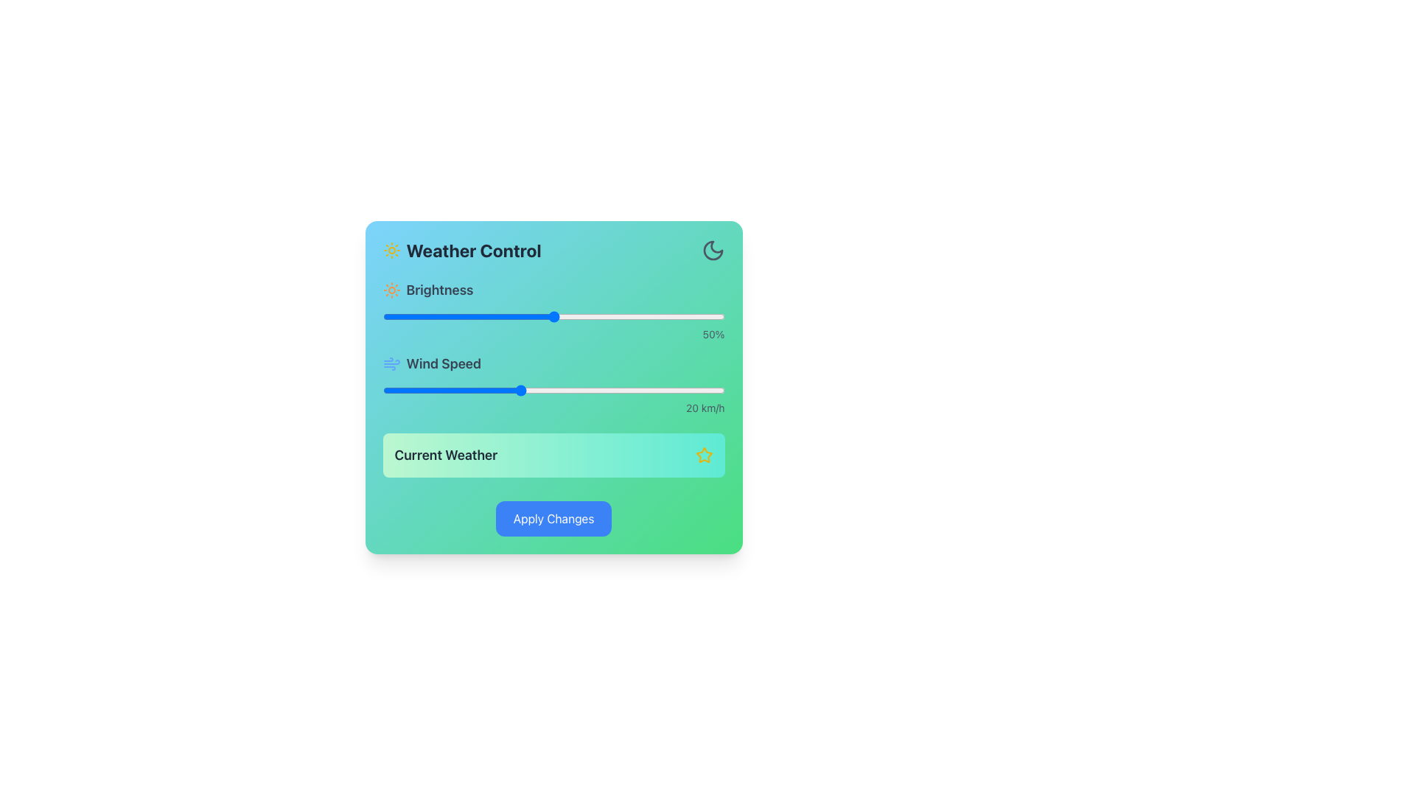  Describe the element at coordinates (391, 290) in the screenshot. I see `the decorative icon representing the 'Brightness' section in the 'Weather Control' panel, located to the left of the 'Brightness' label text` at that location.